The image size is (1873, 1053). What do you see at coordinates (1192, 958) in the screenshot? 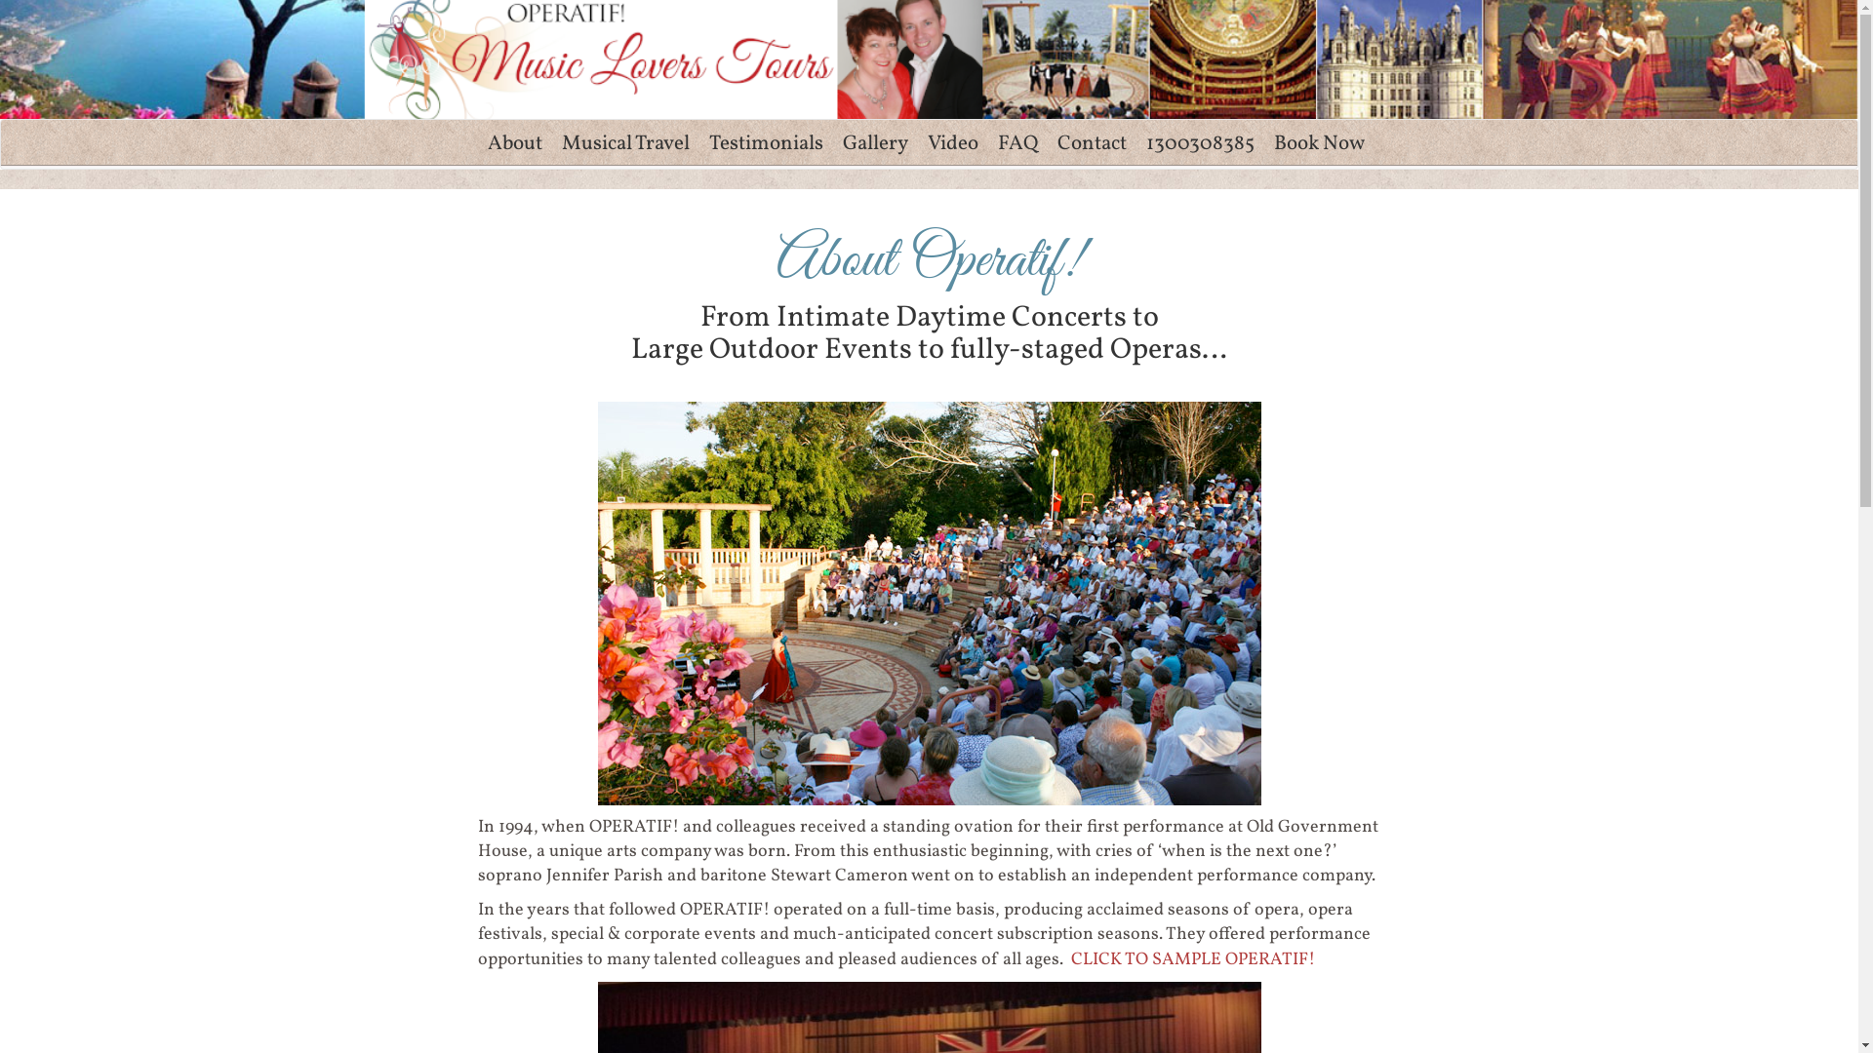
I see `'CLICK TO SAMPLE OPERATIF!'` at bounding box center [1192, 958].